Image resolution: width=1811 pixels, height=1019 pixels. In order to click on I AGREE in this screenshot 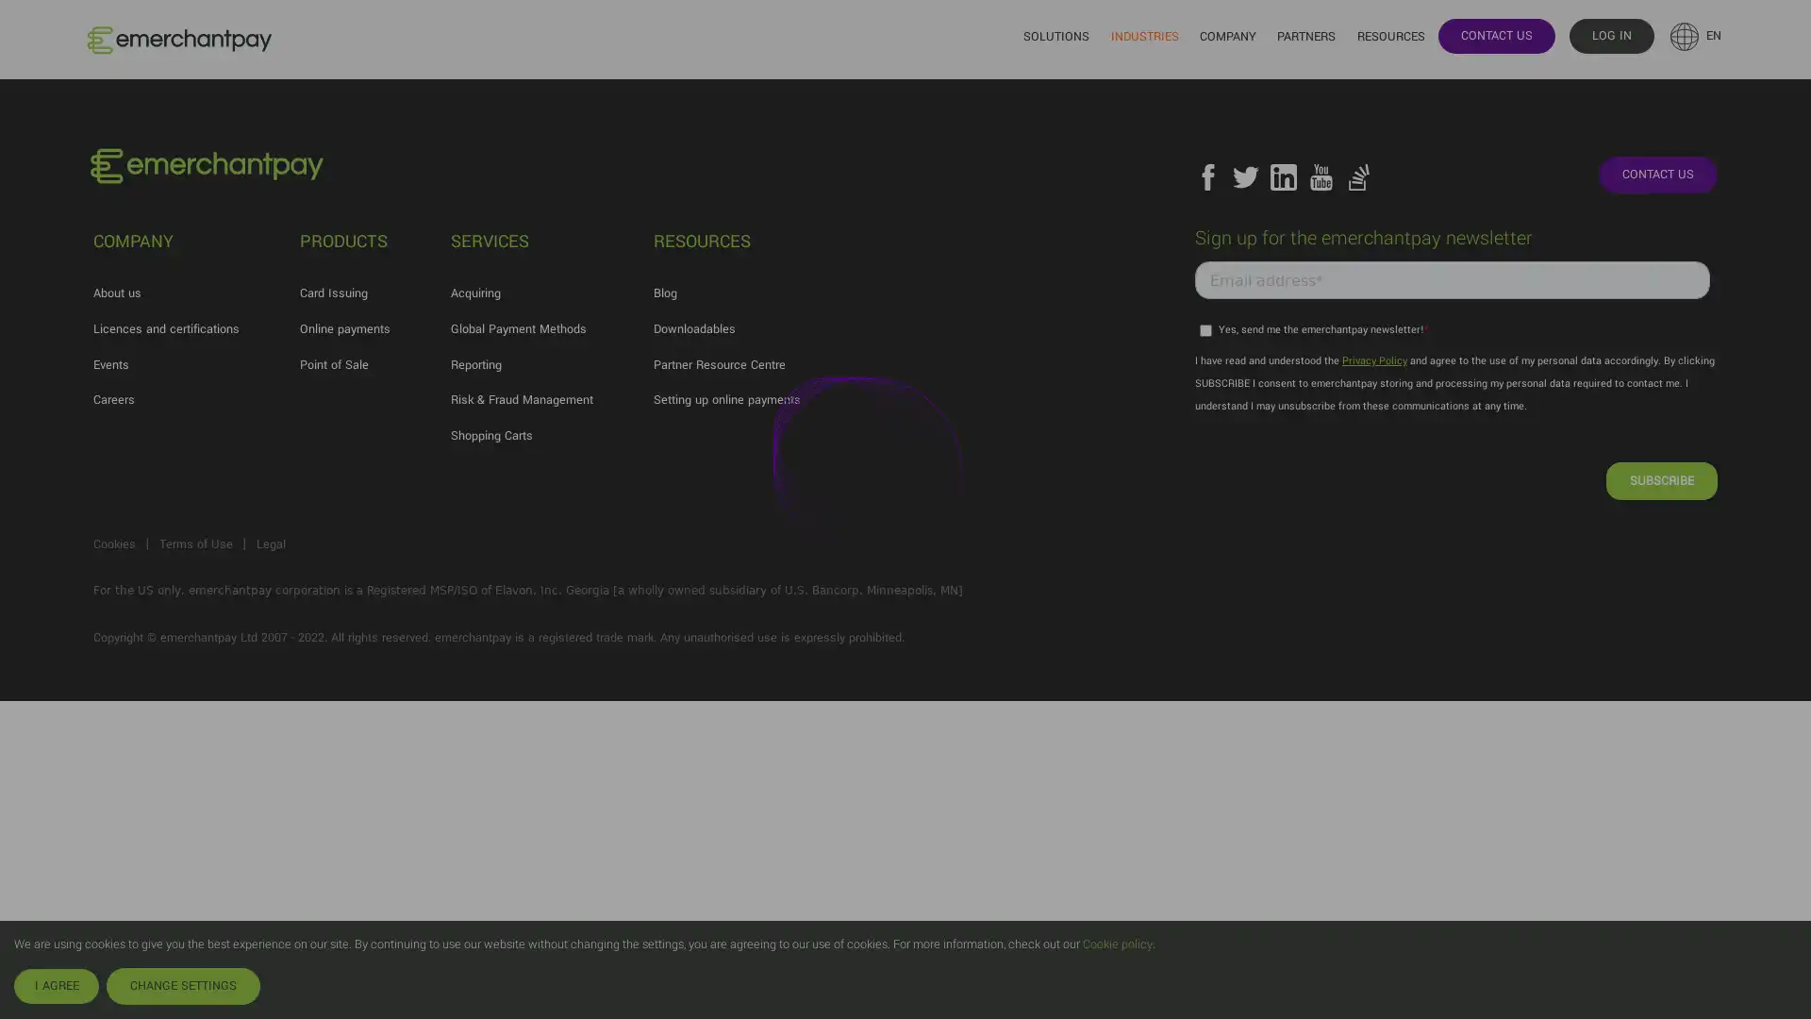, I will do `click(56, 985)`.